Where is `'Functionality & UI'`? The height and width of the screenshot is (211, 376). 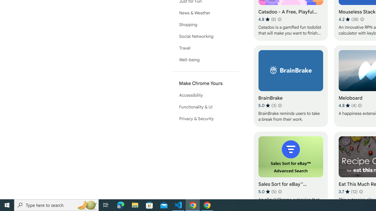
'Functionality & UI' is located at coordinates (206, 107).